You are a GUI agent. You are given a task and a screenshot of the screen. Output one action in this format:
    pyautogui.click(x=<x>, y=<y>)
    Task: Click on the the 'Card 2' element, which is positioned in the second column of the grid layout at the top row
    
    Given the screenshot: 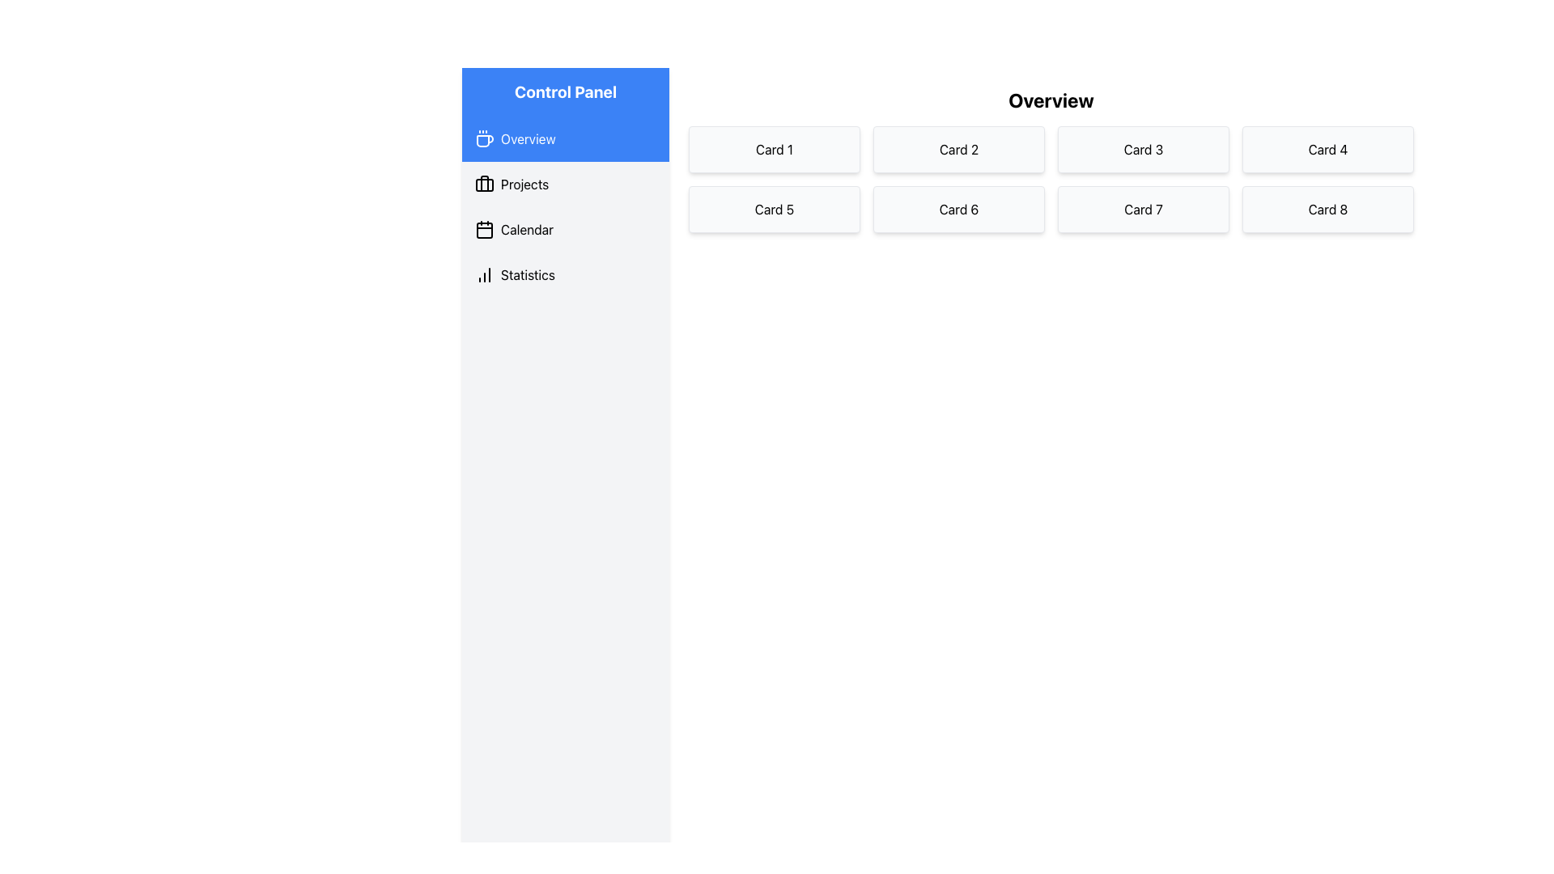 What is the action you would take?
    pyautogui.click(x=959, y=150)
    